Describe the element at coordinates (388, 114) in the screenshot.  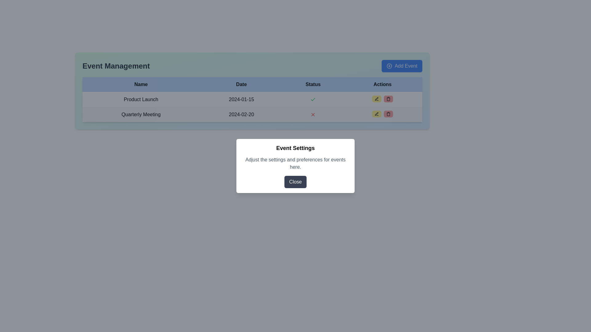
I see `the delete button in the 'Actions' column of the 'Quarterly Meeting' row` at that location.